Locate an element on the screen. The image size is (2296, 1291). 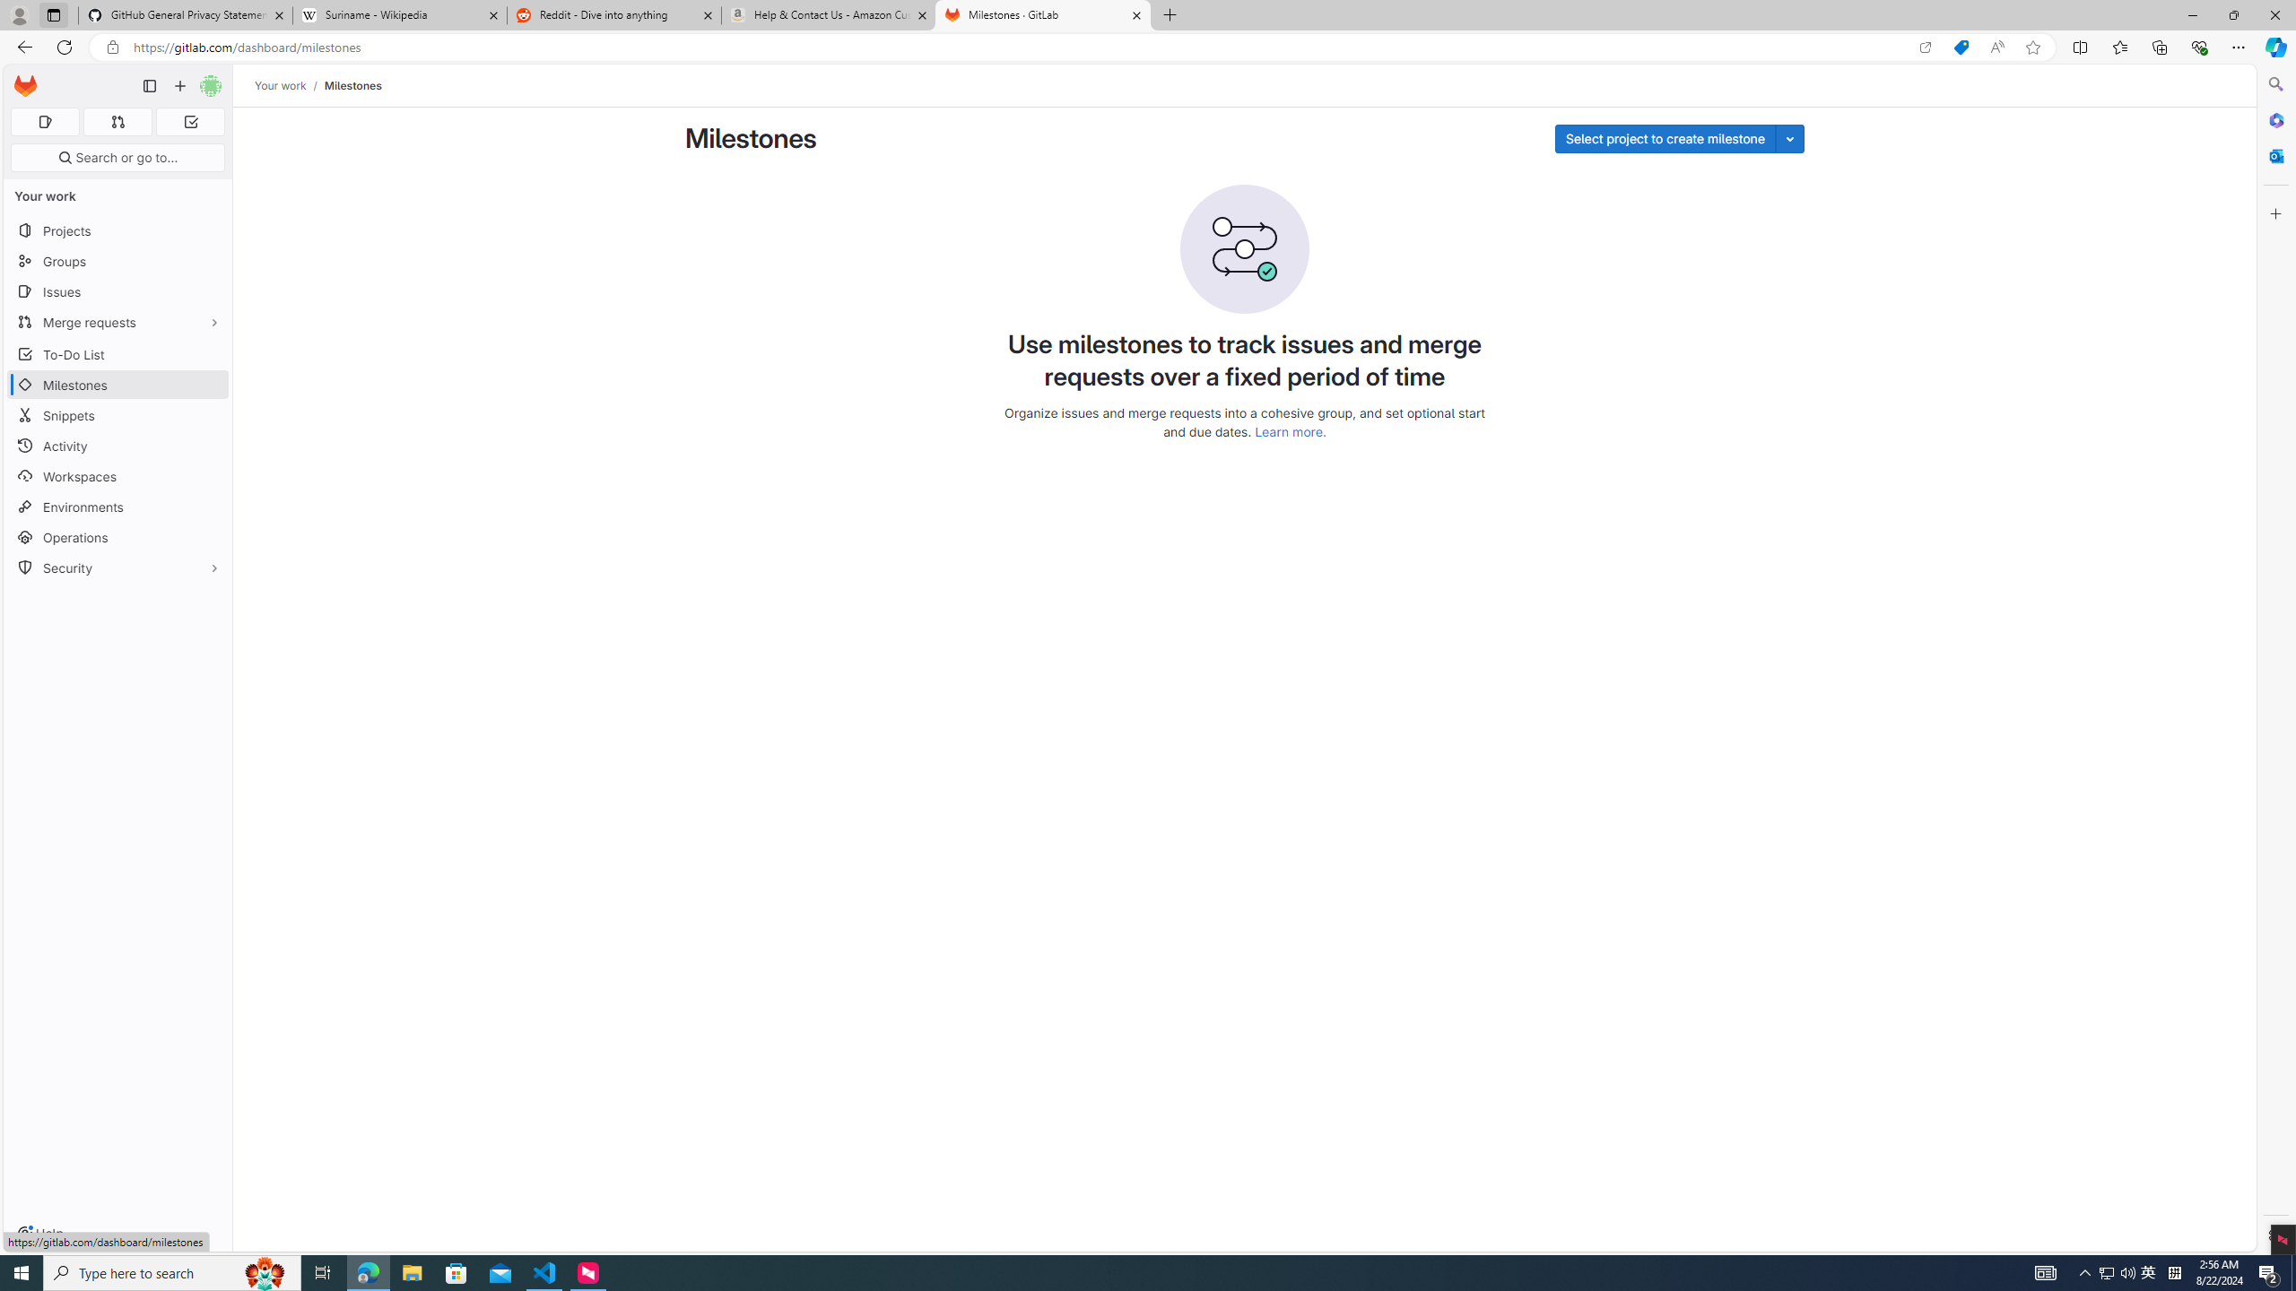
'Activity' is located at coordinates (117, 446).